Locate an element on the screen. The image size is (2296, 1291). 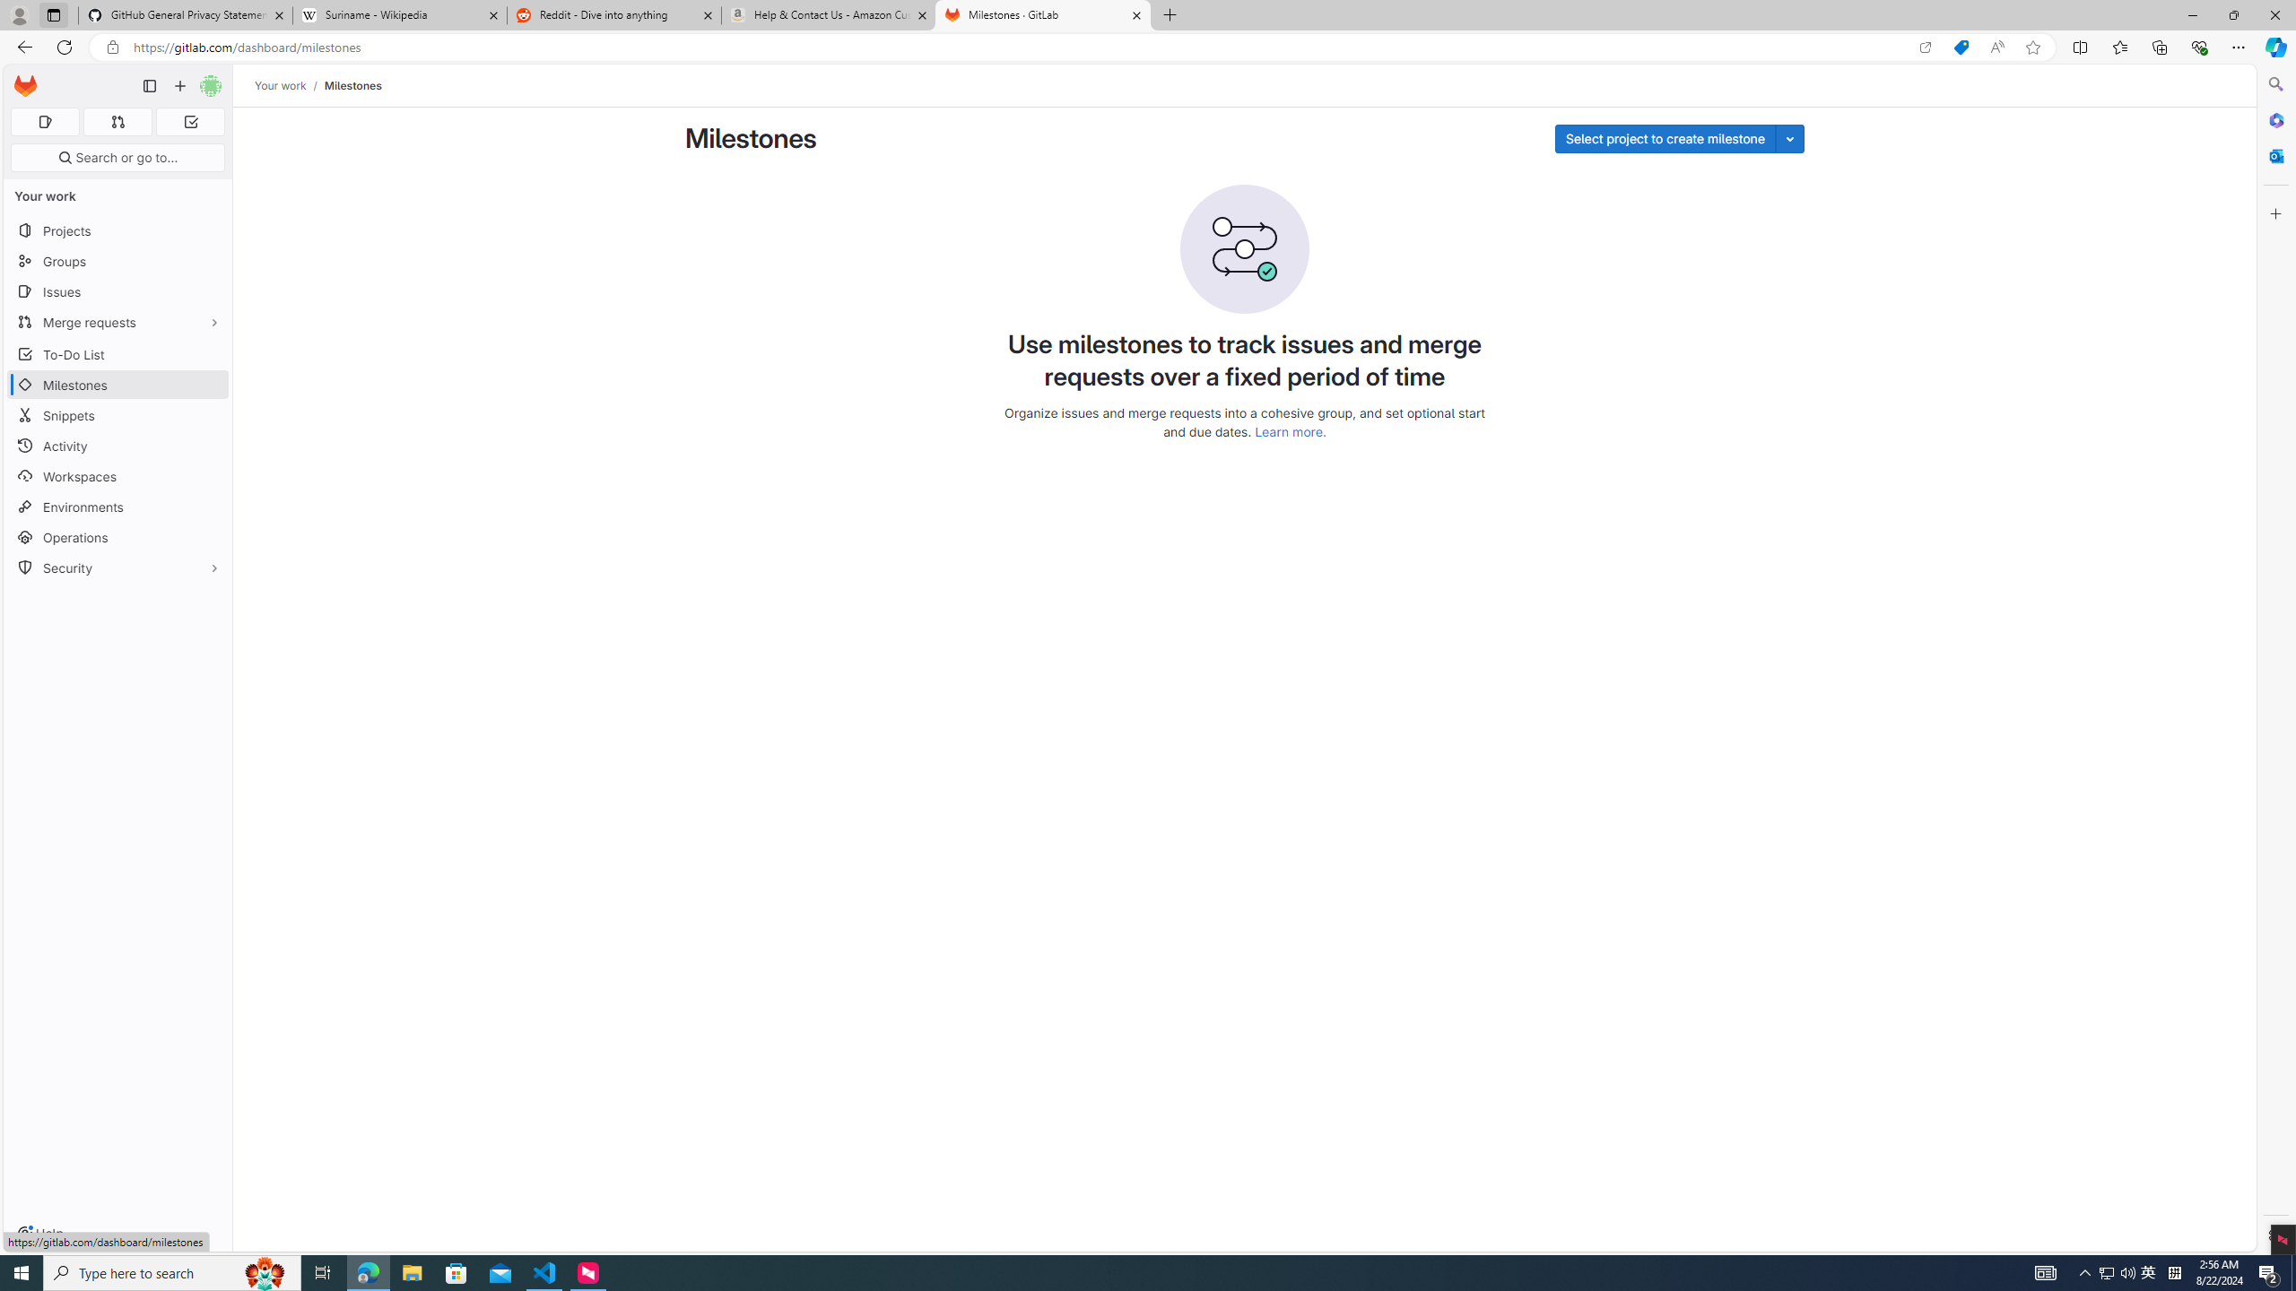
'Activity' is located at coordinates (117, 446).